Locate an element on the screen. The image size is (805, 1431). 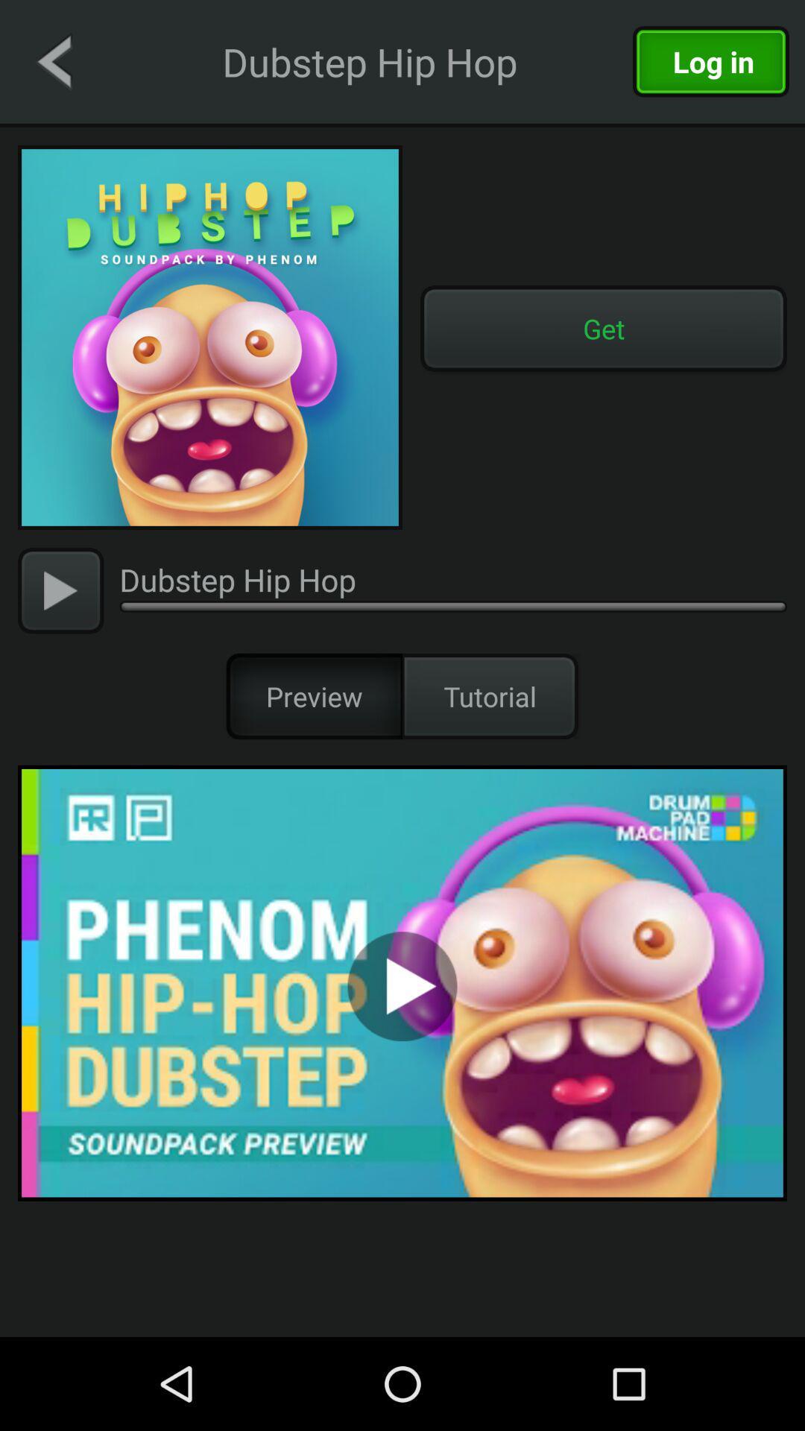
the item next to the preview item is located at coordinates (490, 695).